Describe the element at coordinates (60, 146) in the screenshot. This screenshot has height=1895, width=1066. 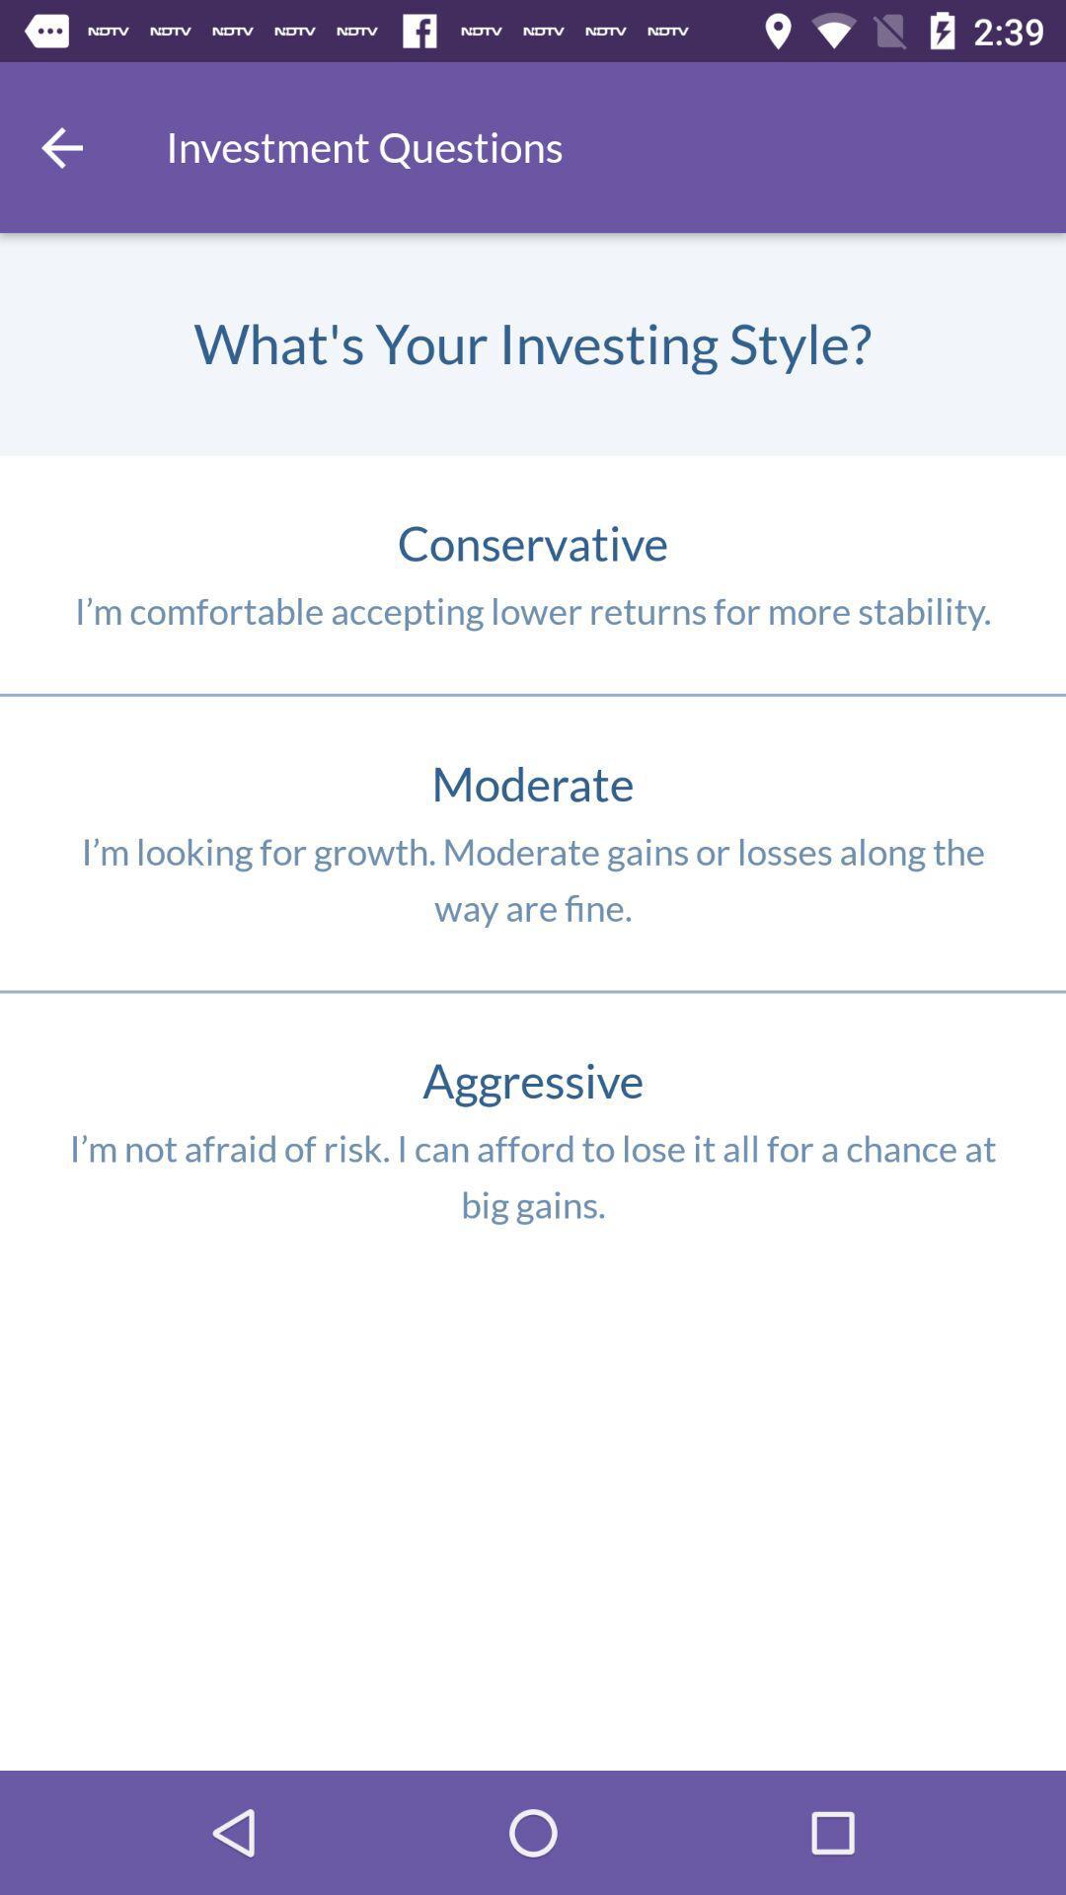
I see `the item to the left of the investment questions item` at that location.